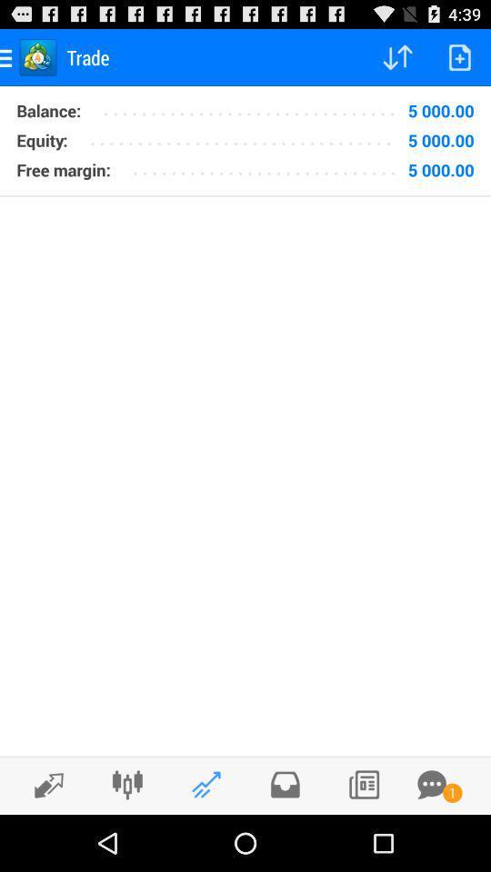 The height and width of the screenshot is (872, 491). What do you see at coordinates (126, 784) in the screenshot?
I see `settings` at bounding box center [126, 784].